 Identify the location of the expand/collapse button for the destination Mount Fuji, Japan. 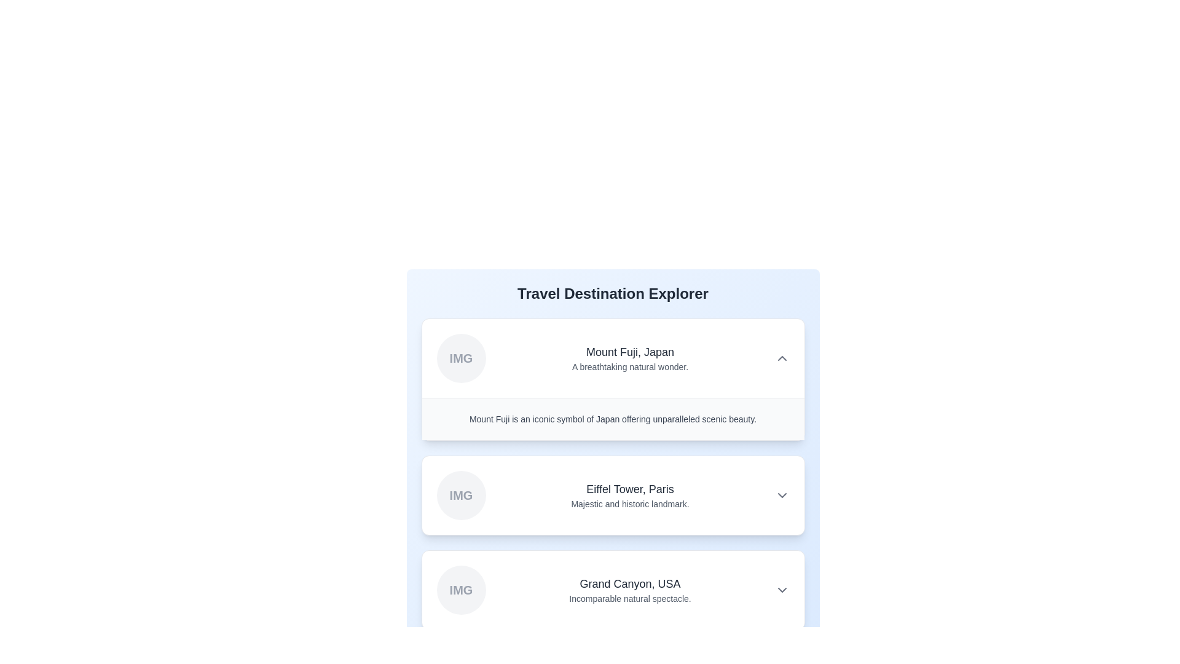
(781, 358).